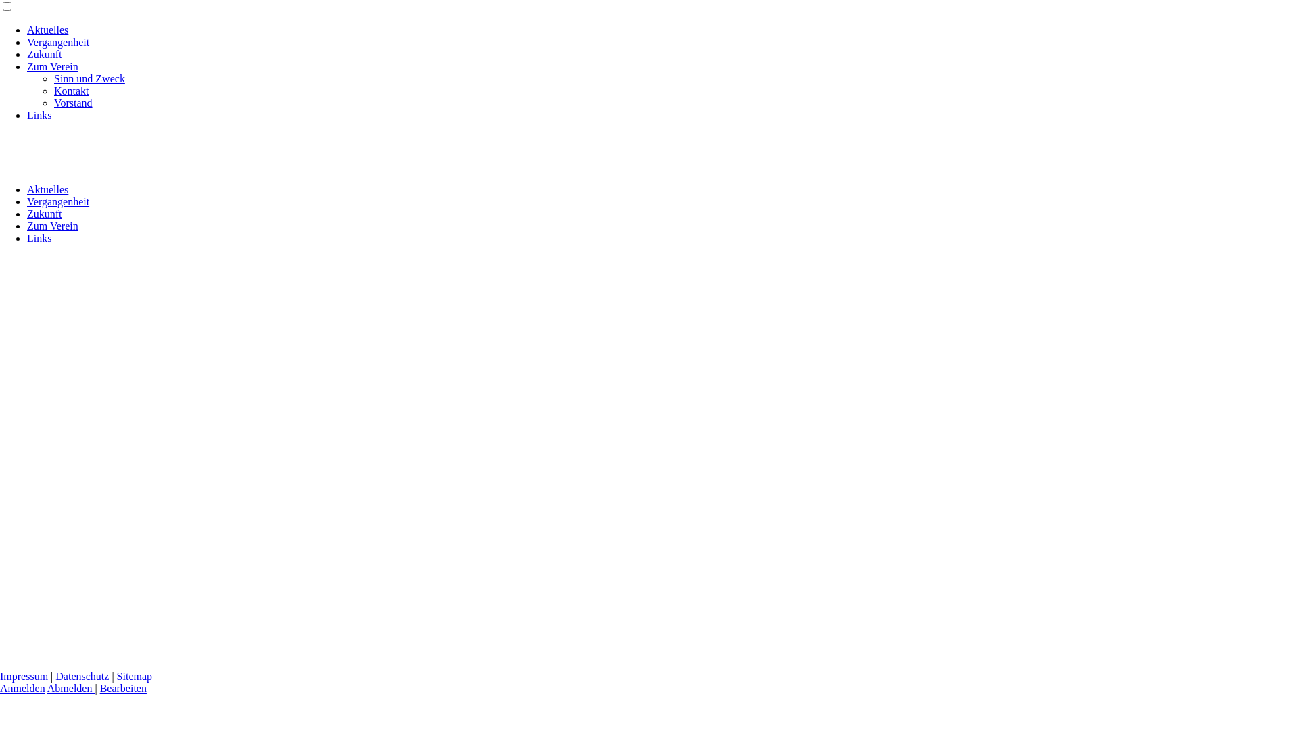  I want to click on 'Links', so click(39, 114).